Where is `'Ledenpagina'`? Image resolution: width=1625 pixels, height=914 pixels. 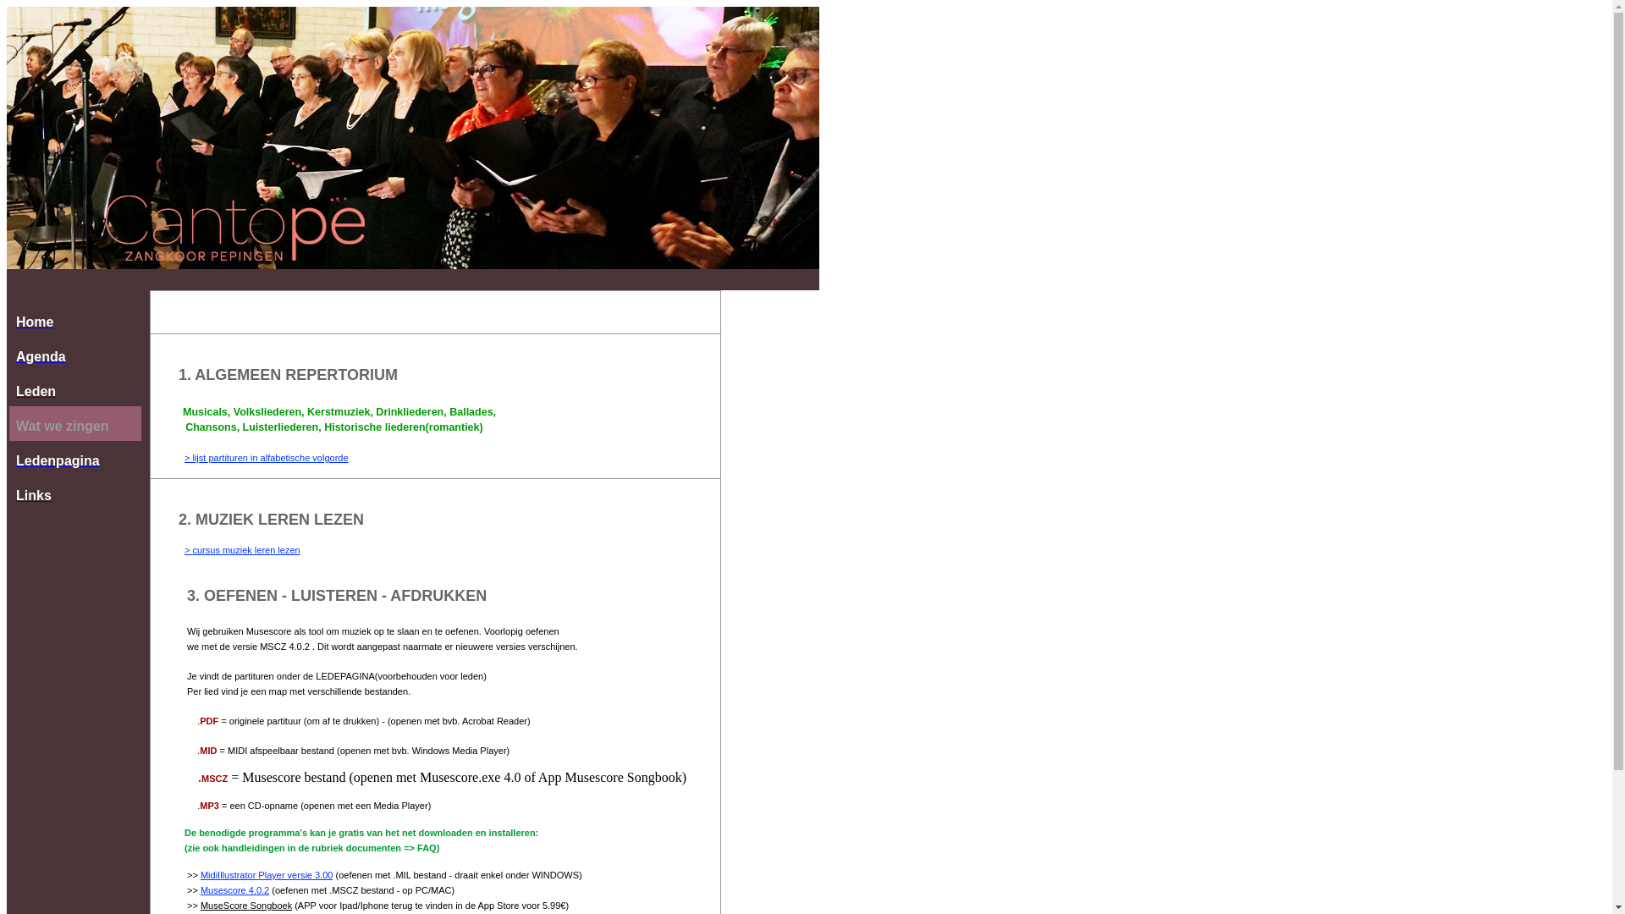
'Ledenpagina' is located at coordinates (8, 458).